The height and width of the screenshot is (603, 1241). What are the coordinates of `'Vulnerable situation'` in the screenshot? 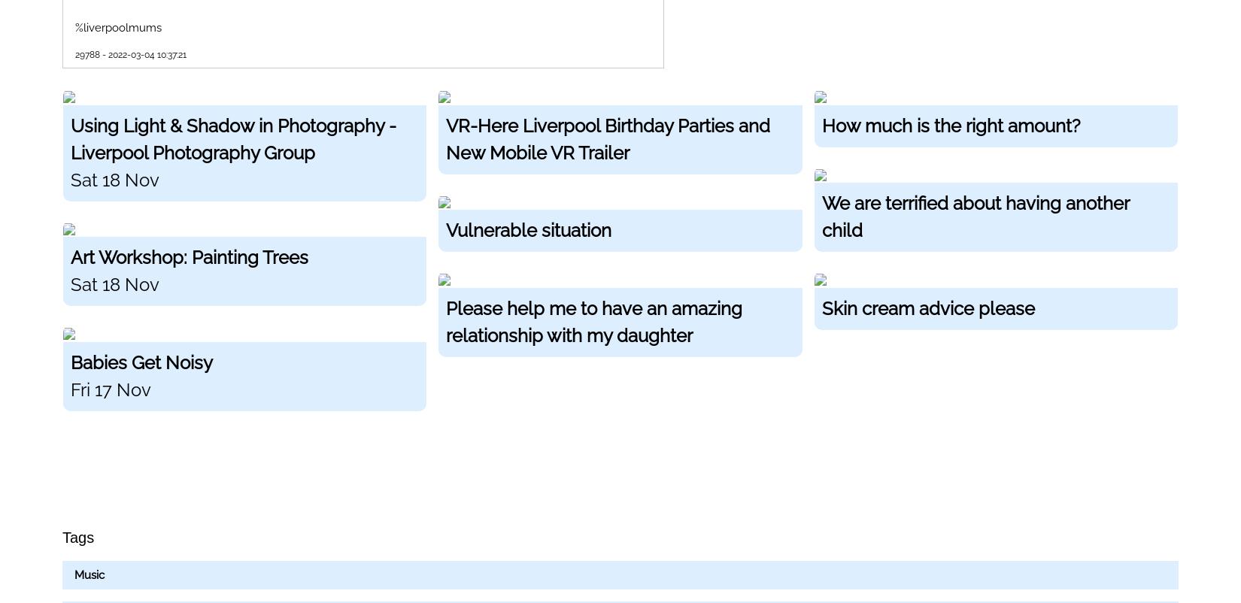 It's located at (528, 229).